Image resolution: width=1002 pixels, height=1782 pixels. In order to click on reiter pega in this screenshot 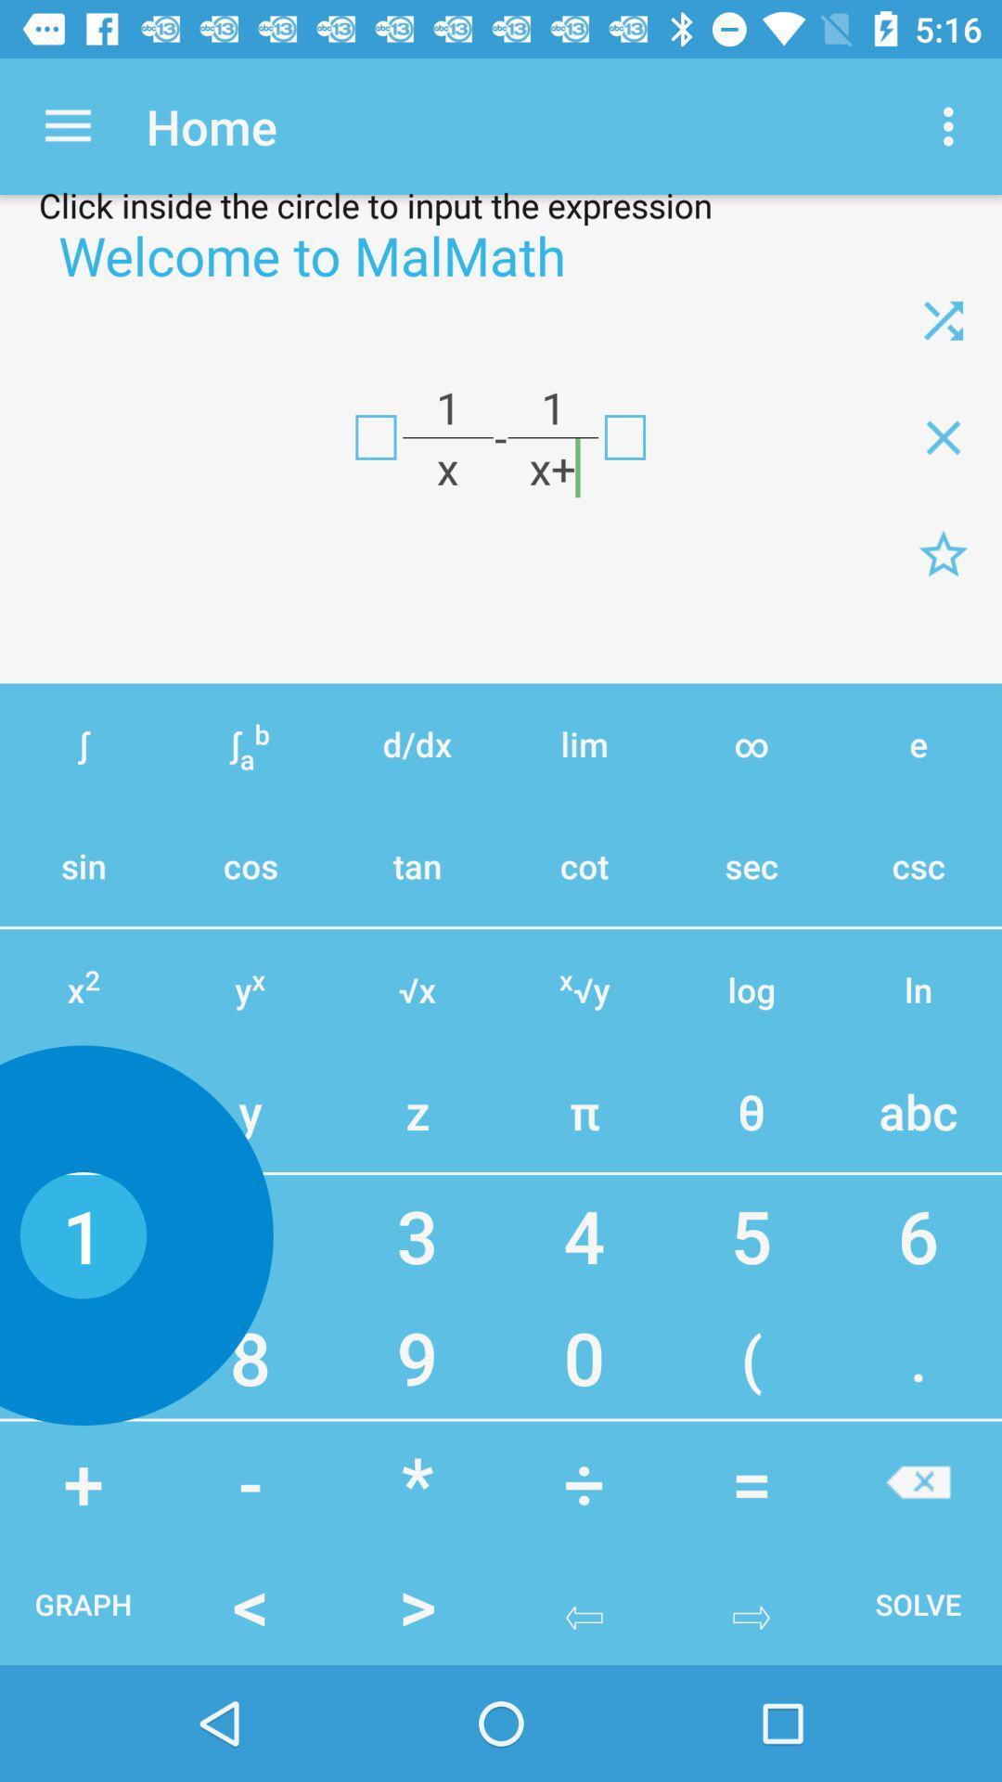, I will do `click(944, 320)`.